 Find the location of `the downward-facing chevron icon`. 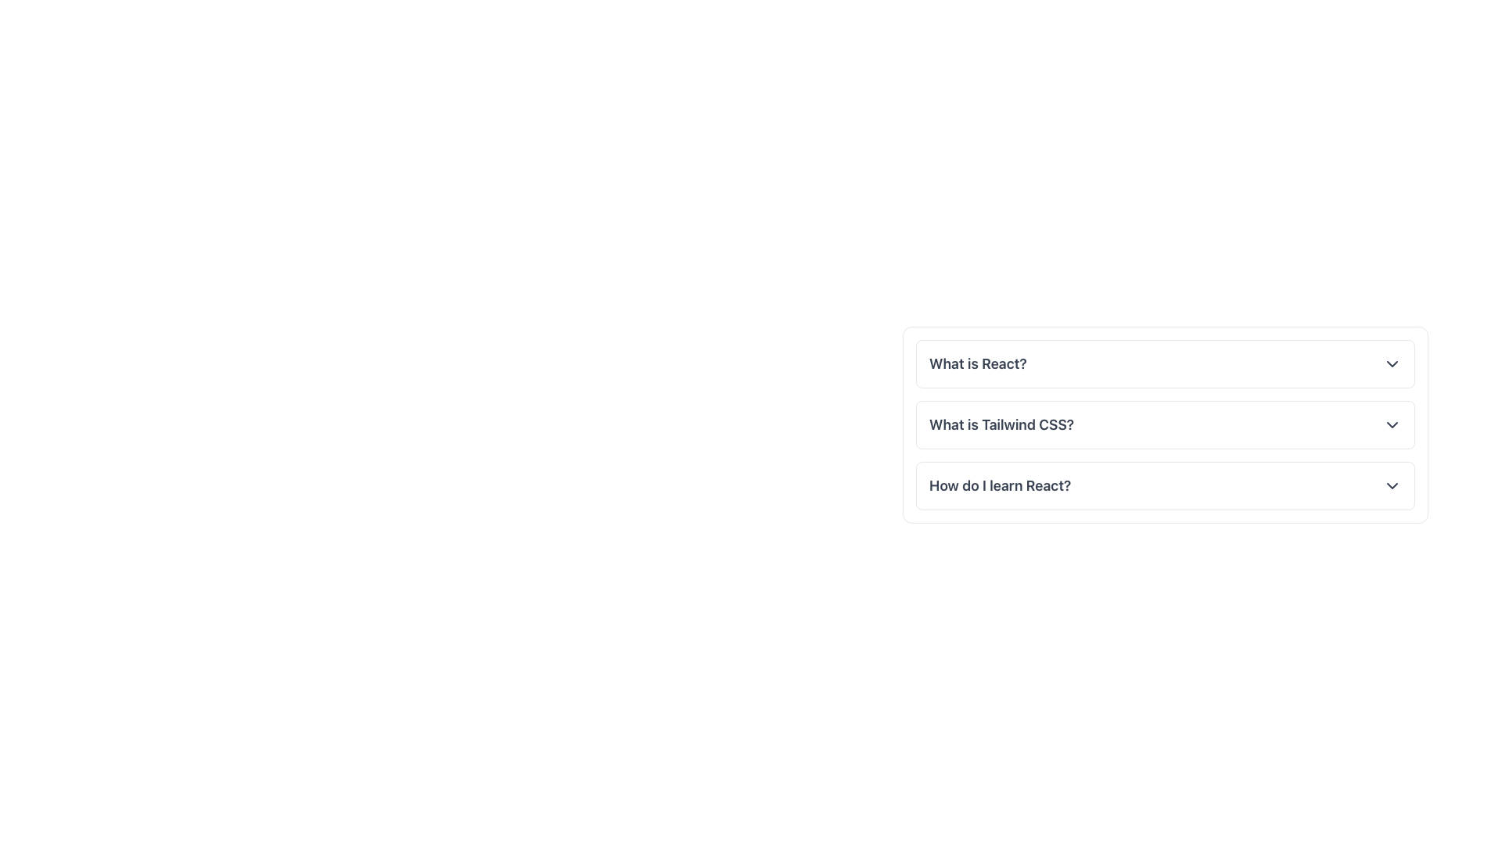

the downward-facing chevron icon is located at coordinates (1392, 485).